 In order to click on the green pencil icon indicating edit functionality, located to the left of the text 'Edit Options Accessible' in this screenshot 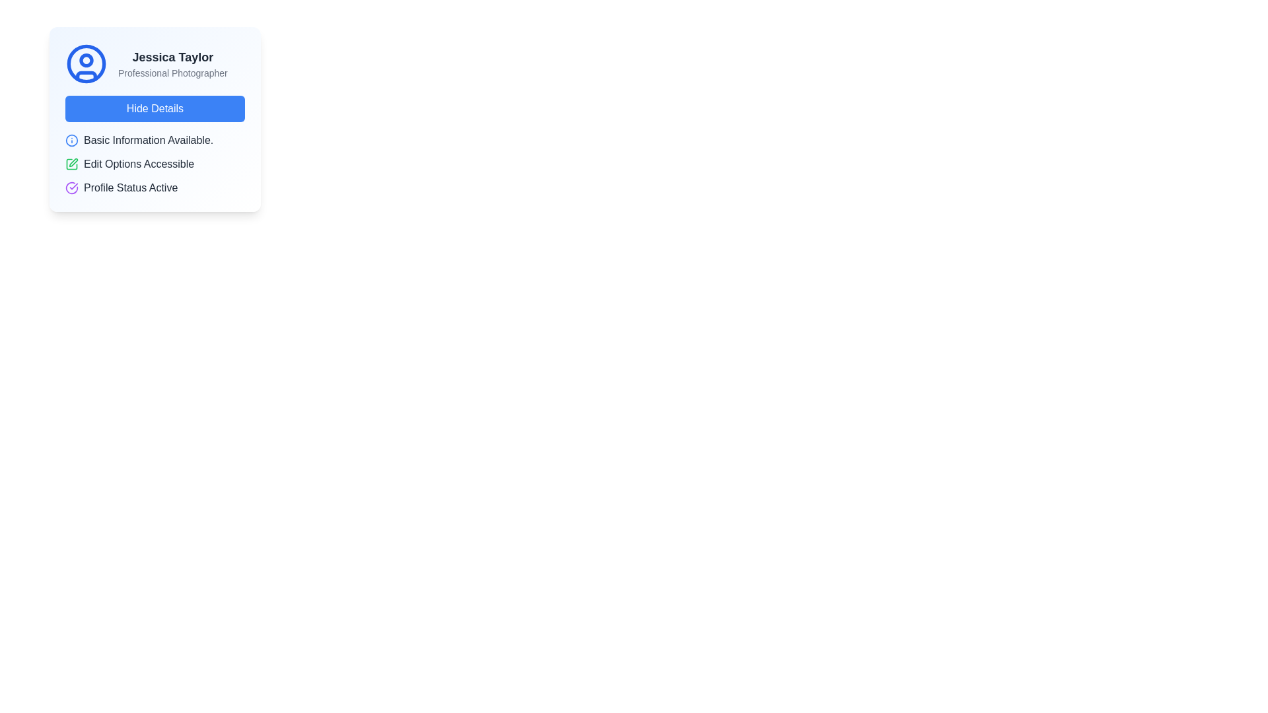, I will do `click(71, 164)`.